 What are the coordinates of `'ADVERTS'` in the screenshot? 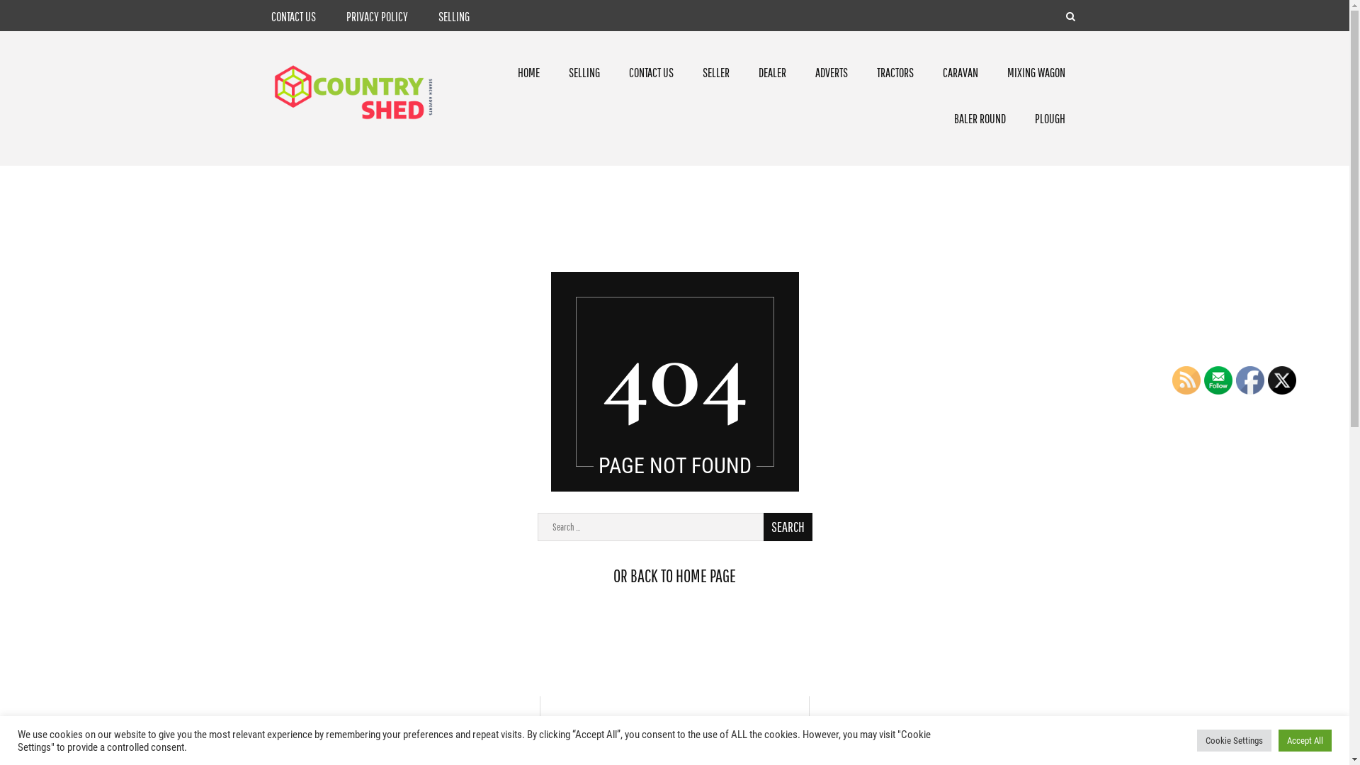 It's located at (832, 72).